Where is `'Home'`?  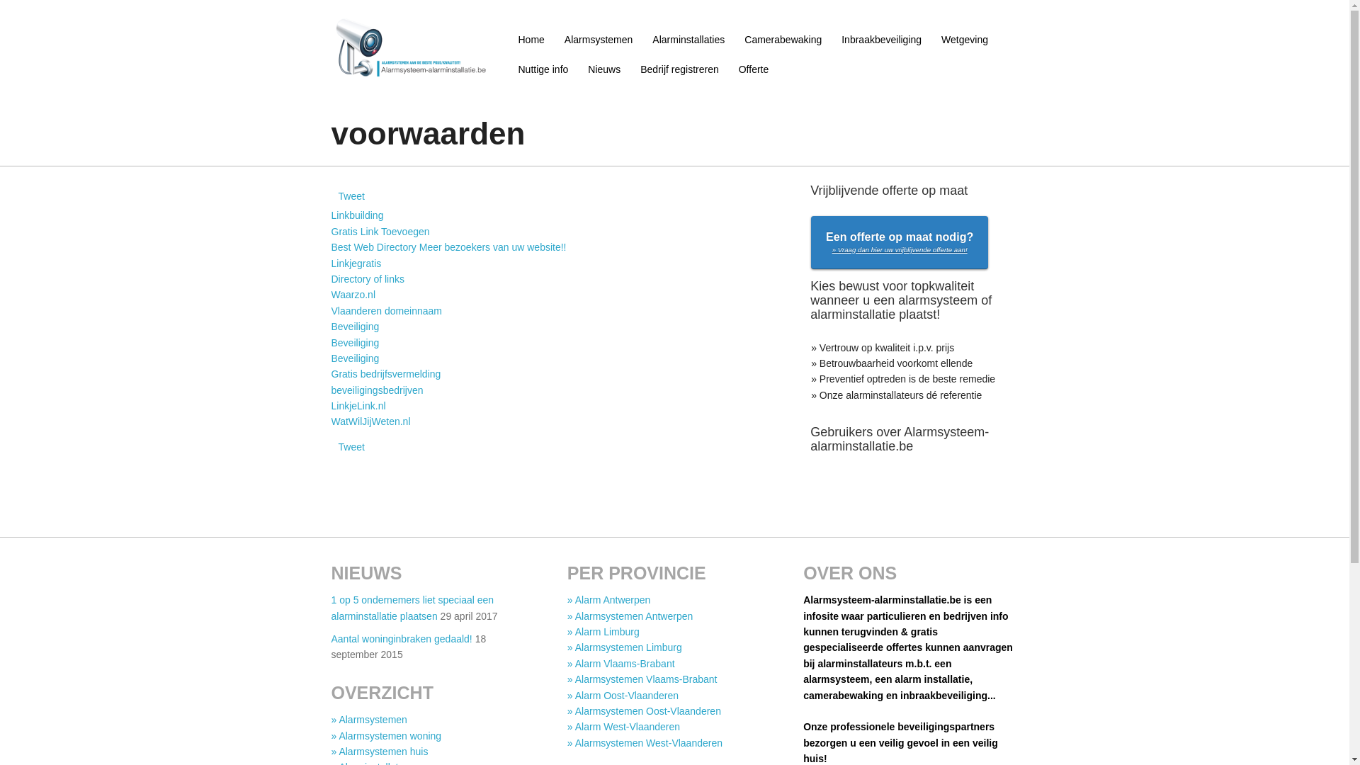 'Home' is located at coordinates (531, 39).